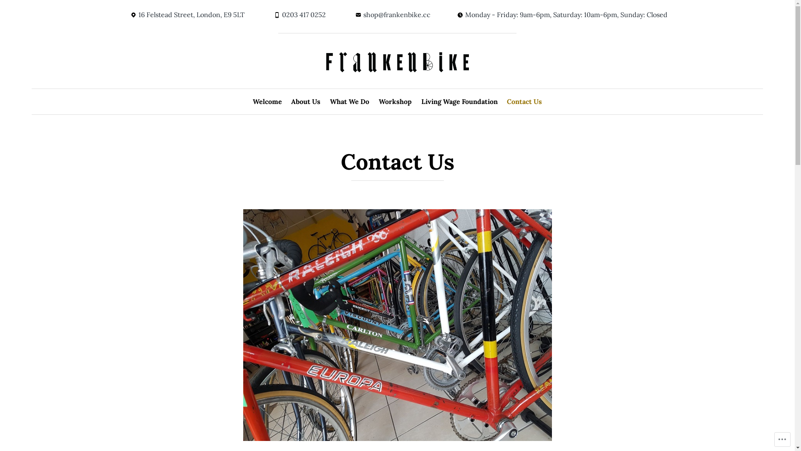  I want to click on 'Living Wage Foundation', so click(459, 101).